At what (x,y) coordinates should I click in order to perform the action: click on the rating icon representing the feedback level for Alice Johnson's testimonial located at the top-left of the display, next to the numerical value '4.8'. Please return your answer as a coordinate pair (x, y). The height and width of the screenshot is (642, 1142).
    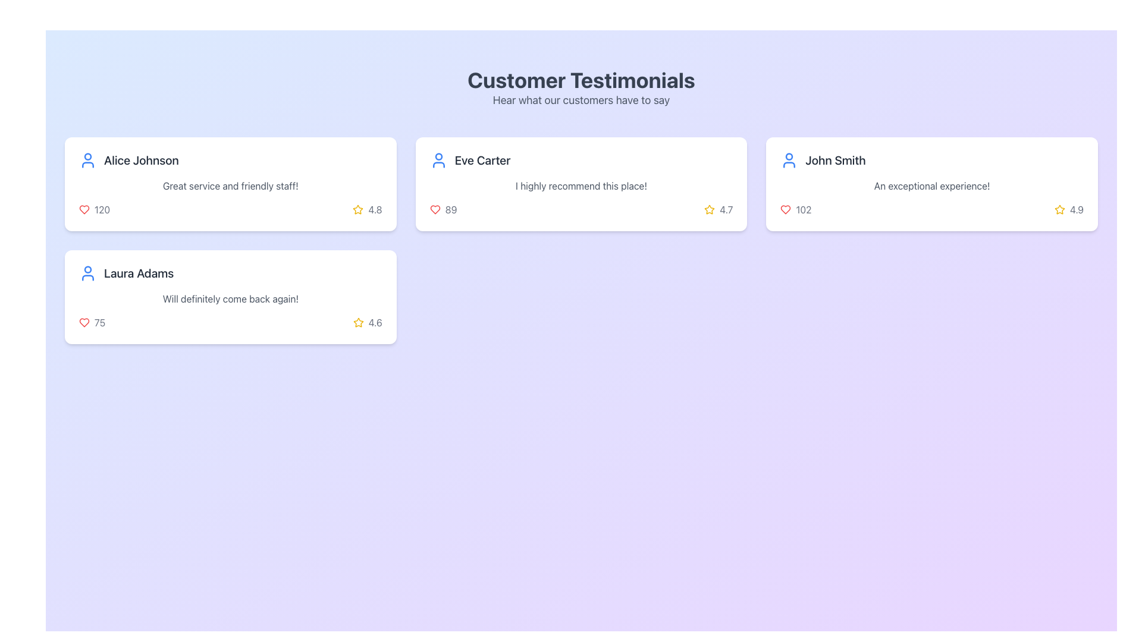
    Looking at the image, I should click on (357, 209).